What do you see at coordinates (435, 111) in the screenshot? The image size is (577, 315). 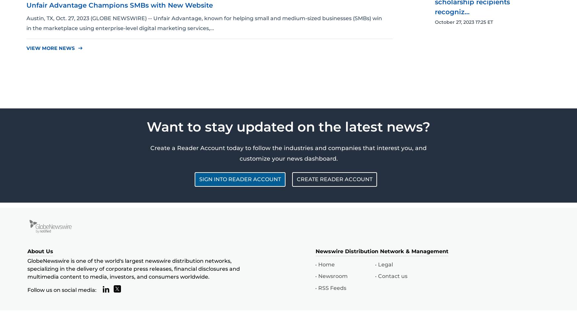 I see `'Intuitive Machines Sets January 2024 for Historic ...'` at bounding box center [435, 111].